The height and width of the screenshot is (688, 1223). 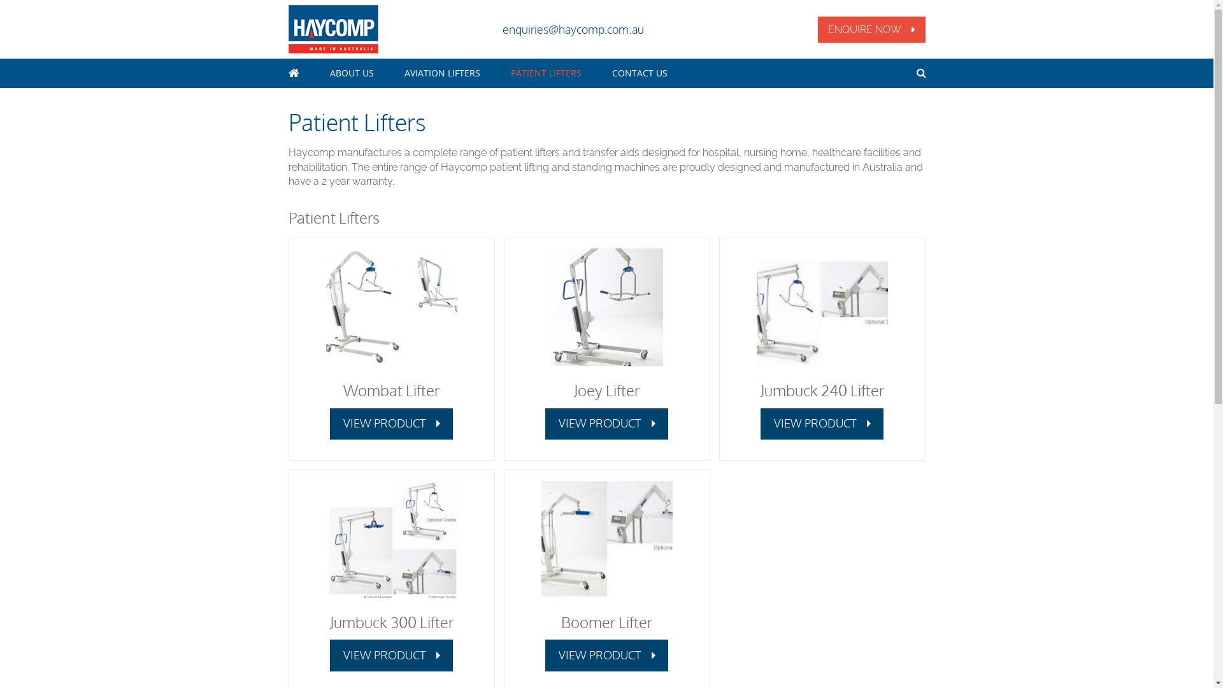 What do you see at coordinates (871, 29) in the screenshot?
I see `'ENQUIRE NOW'` at bounding box center [871, 29].